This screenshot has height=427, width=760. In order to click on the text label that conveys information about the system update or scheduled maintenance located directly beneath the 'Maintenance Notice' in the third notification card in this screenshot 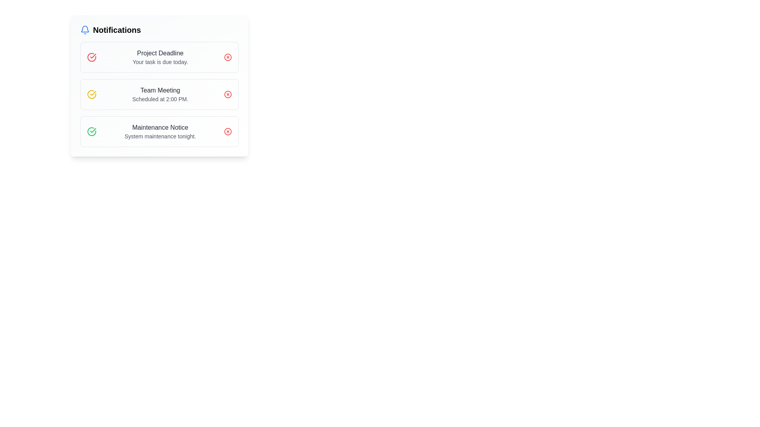, I will do `click(160, 136)`.